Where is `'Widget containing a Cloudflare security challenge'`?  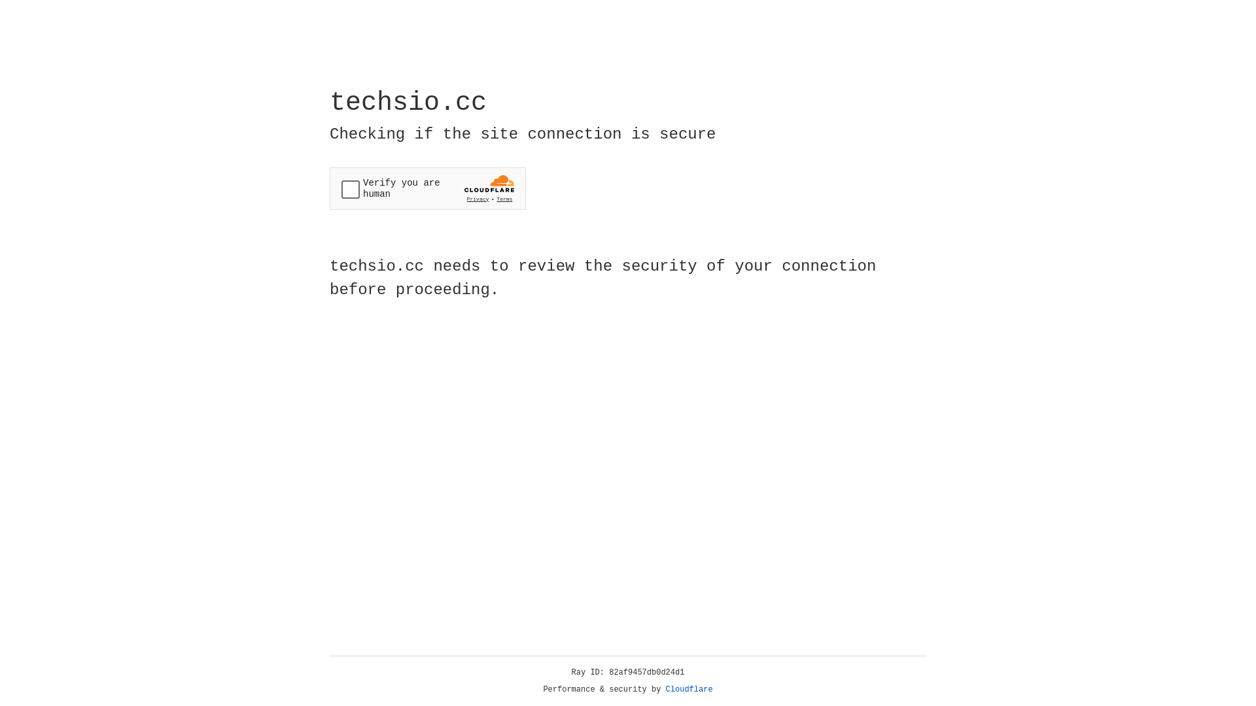
'Widget containing a Cloudflare security challenge' is located at coordinates (427, 188).